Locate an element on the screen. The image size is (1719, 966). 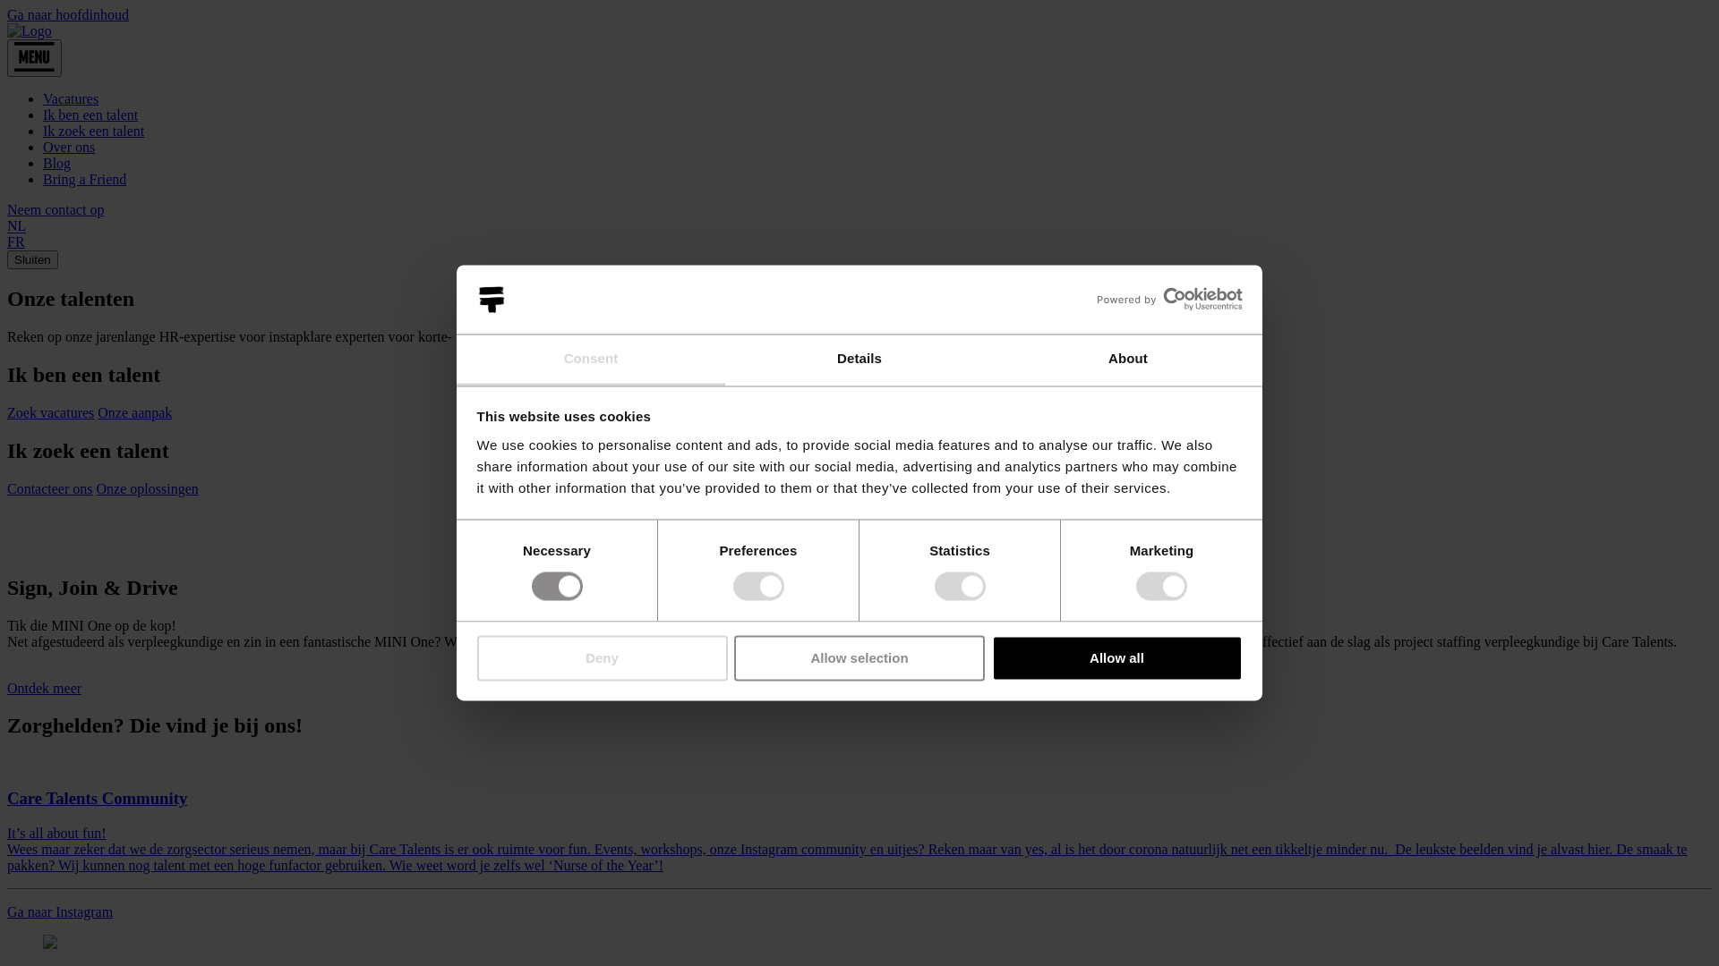
'Ik zoek een talent' is located at coordinates (92, 130).